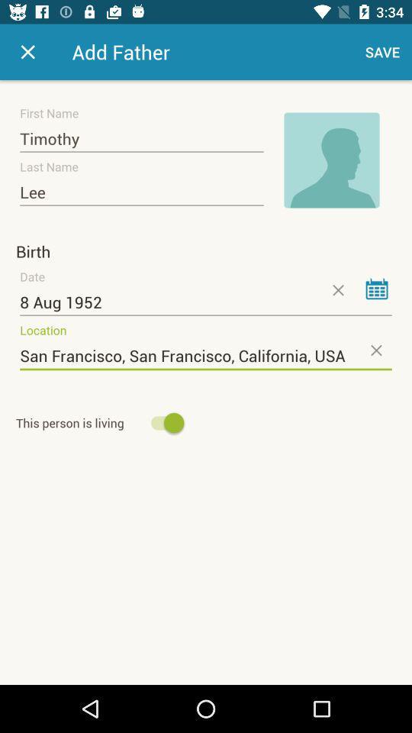 Image resolution: width=412 pixels, height=733 pixels. Describe the element at coordinates (375, 350) in the screenshot. I see `erase location text` at that location.